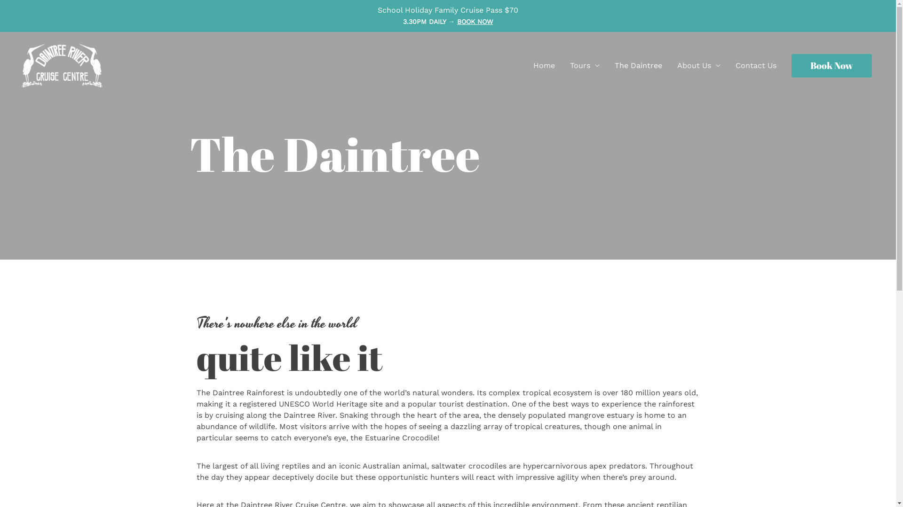 The width and height of the screenshot is (903, 507). What do you see at coordinates (544, 65) in the screenshot?
I see `'Home'` at bounding box center [544, 65].